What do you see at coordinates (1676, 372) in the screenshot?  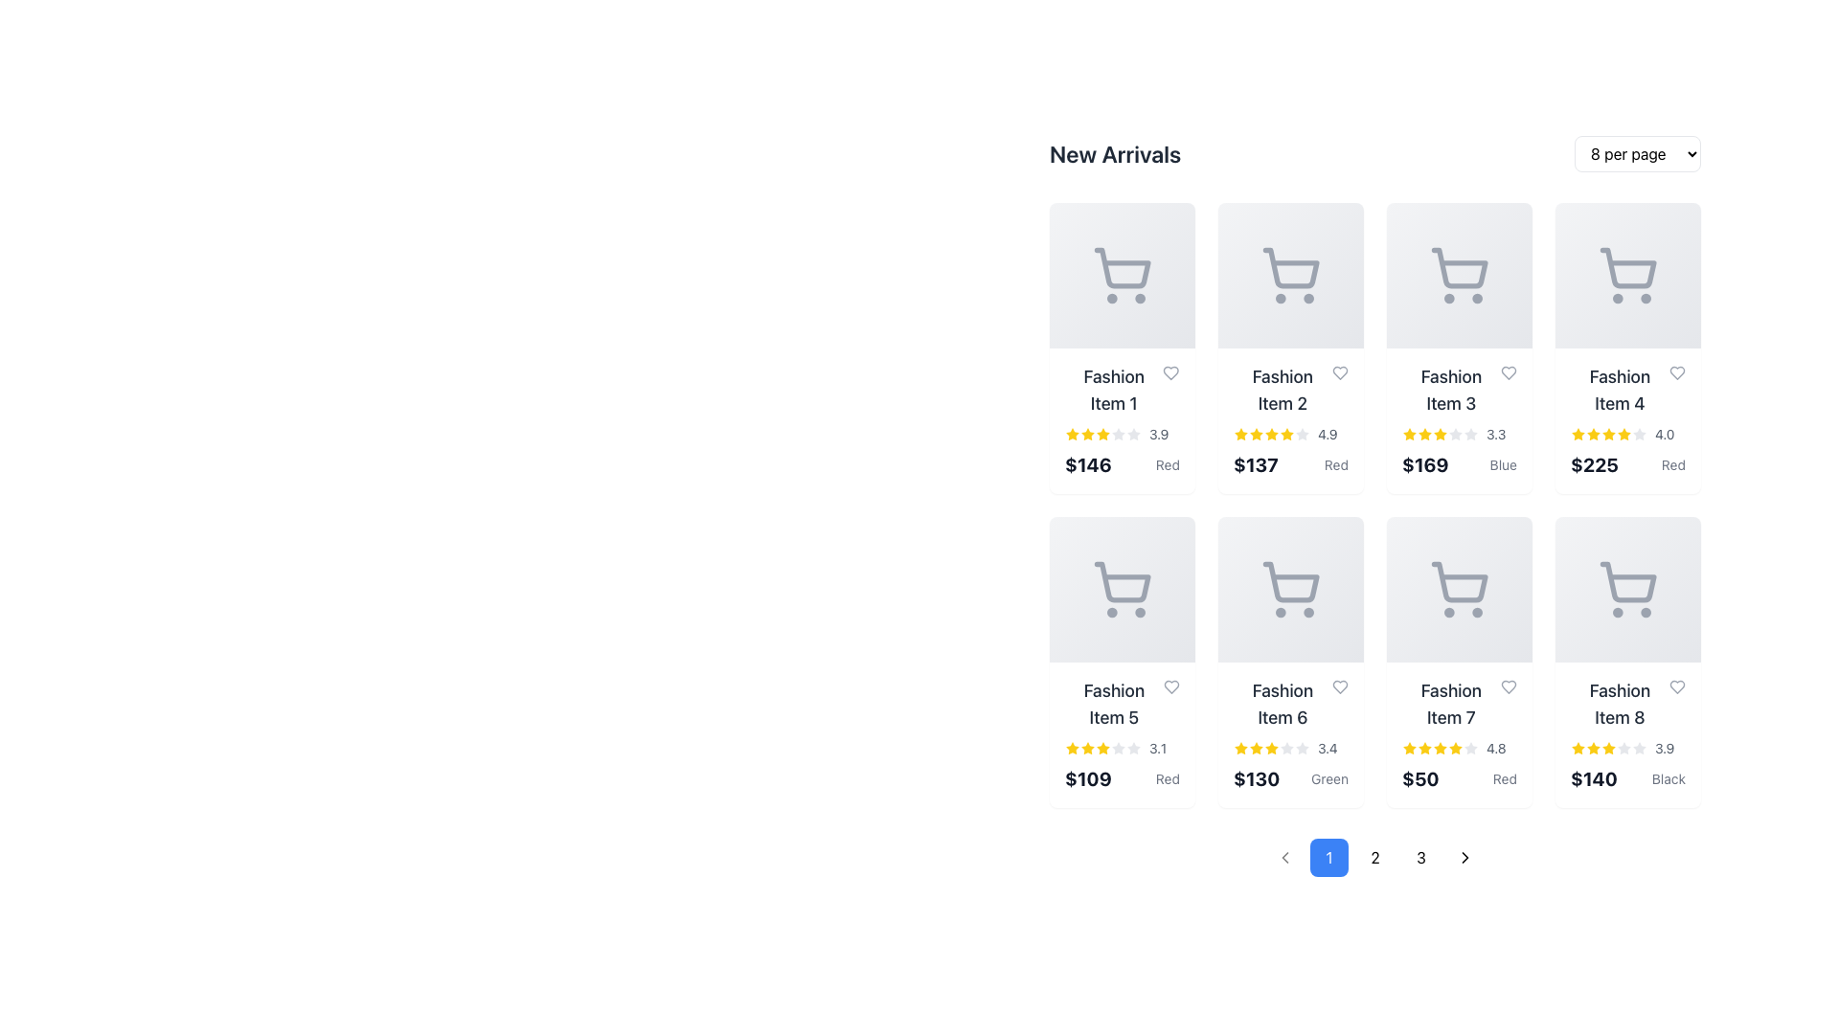 I see `the heart-shaped icon button located in the top-right corner of the product card for 'Fashion Item 4'` at bounding box center [1676, 372].